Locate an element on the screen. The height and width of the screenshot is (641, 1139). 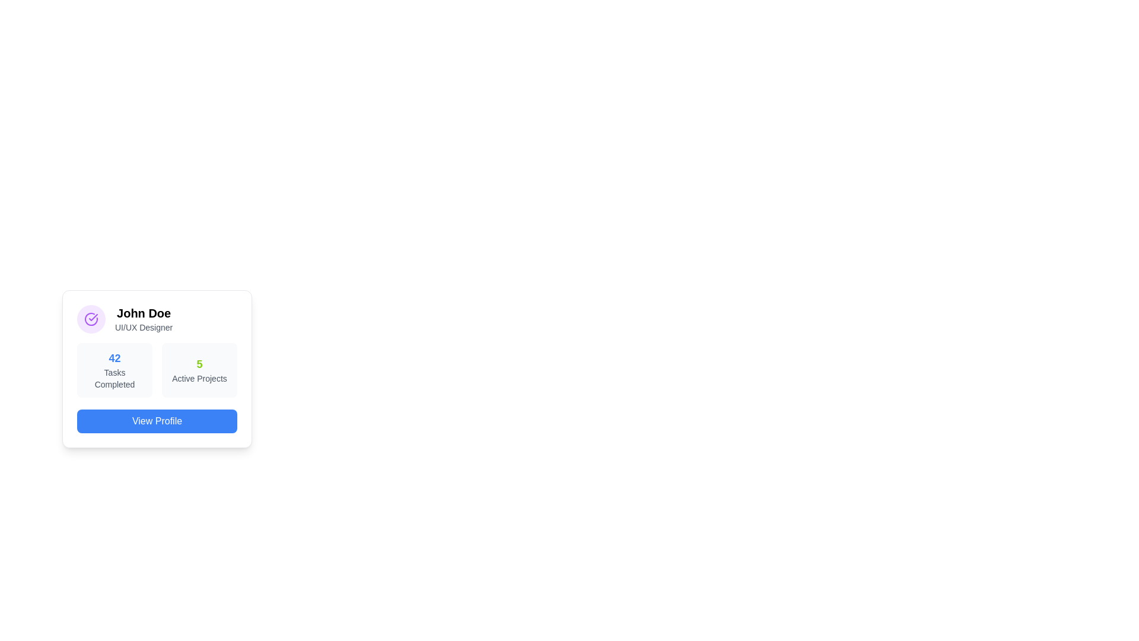
the Informative summary panel, which provides a summary of 'Tasks Completed' and 'Active Projects', located below the title 'John Doe' and above the 'View Profile' button is located at coordinates (156, 370).